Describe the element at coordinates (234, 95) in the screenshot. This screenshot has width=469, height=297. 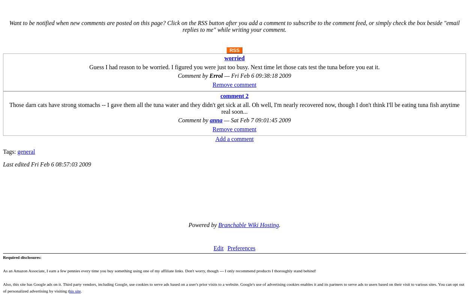
I see `'comment 2'` at that location.